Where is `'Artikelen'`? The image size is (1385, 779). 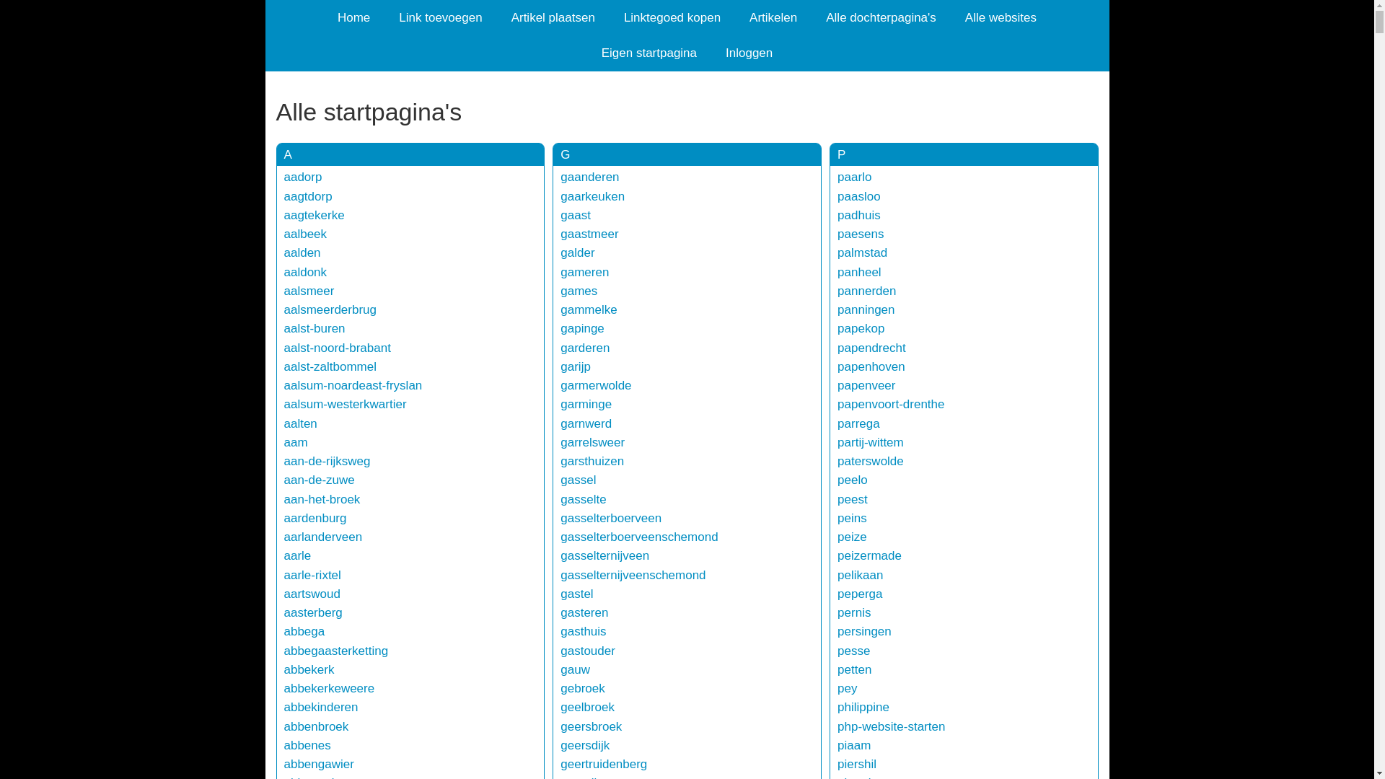
'Artikelen' is located at coordinates (734, 17).